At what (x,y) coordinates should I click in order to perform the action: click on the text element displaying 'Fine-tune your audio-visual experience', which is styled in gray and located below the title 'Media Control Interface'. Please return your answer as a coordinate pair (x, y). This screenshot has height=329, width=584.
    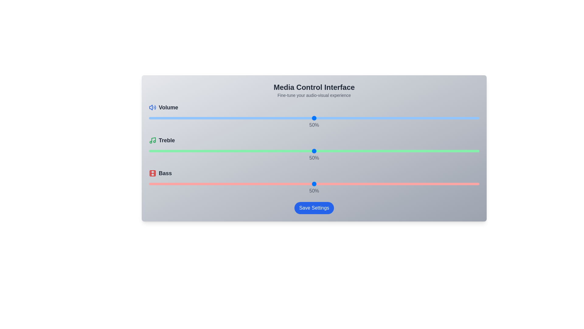
    Looking at the image, I should click on (314, 95).